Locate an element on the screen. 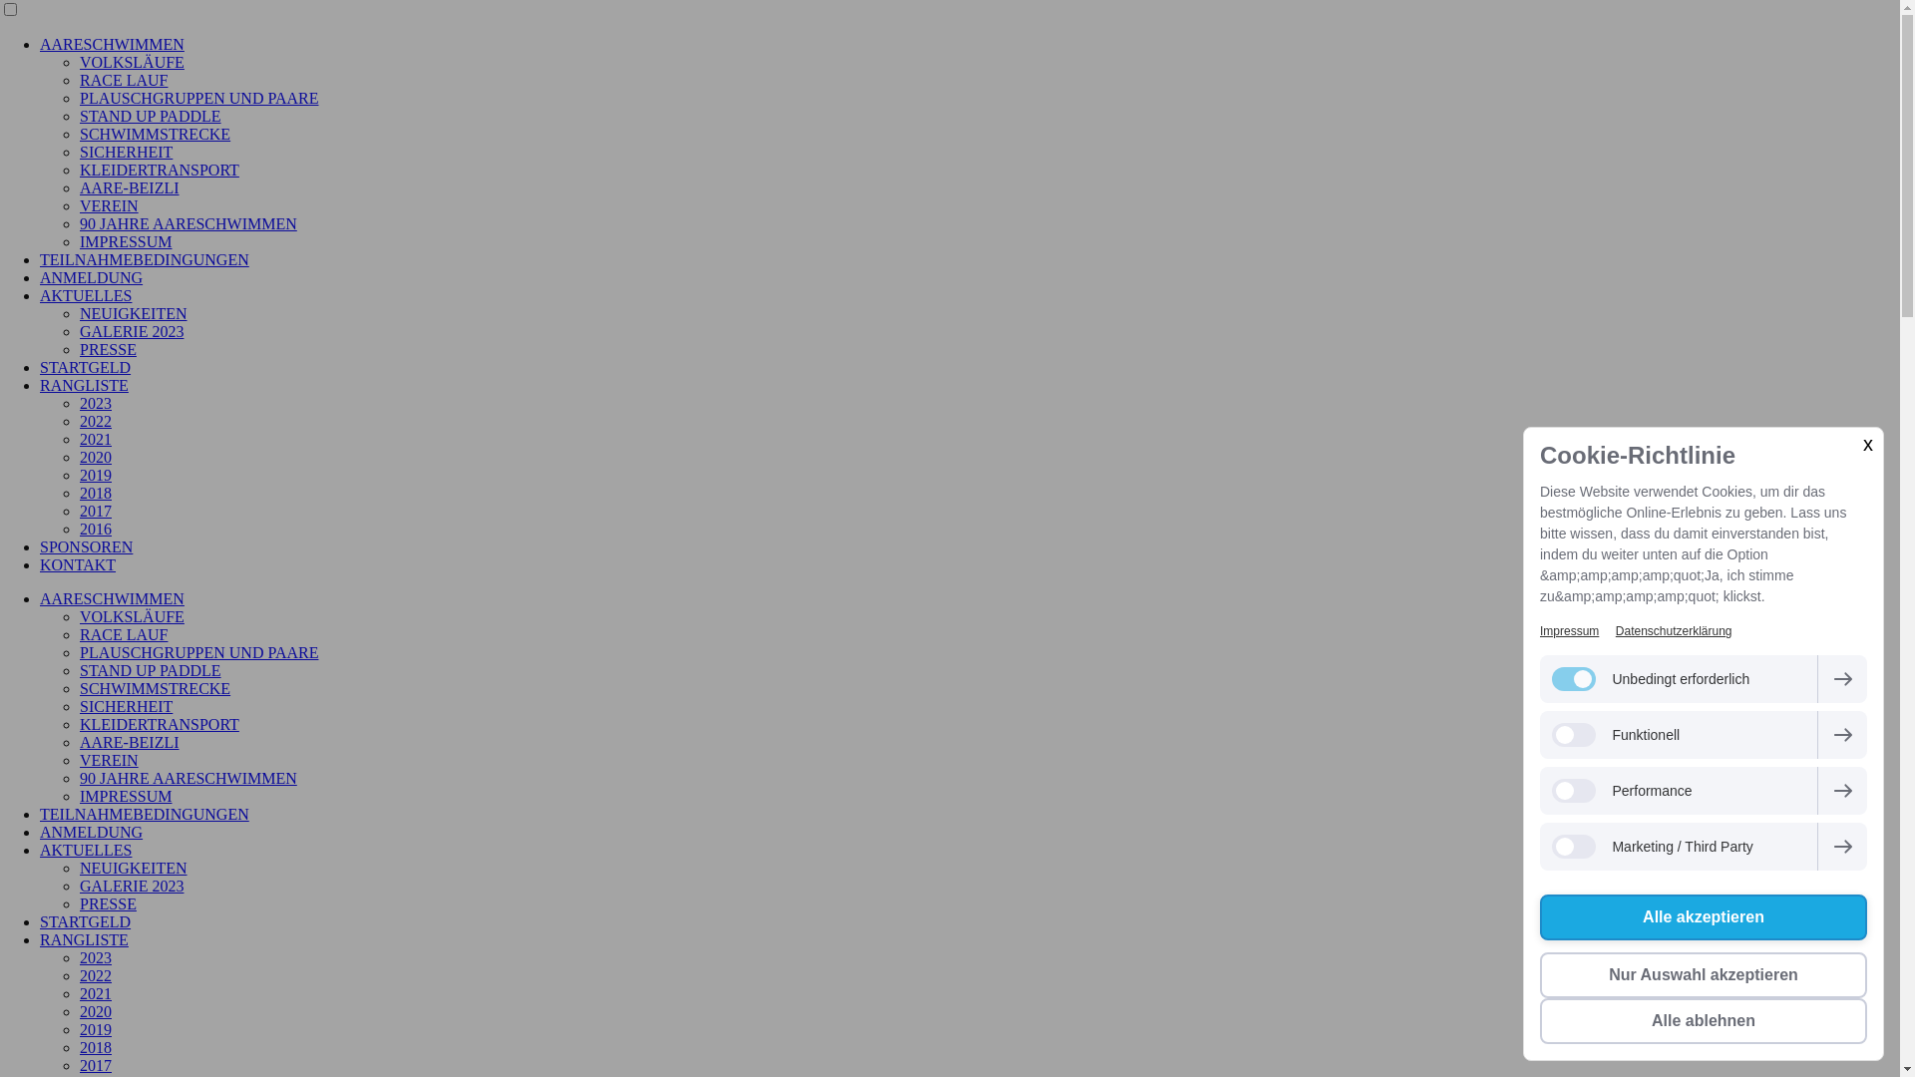  'VEREIN' is located at coordinates (108, 760).